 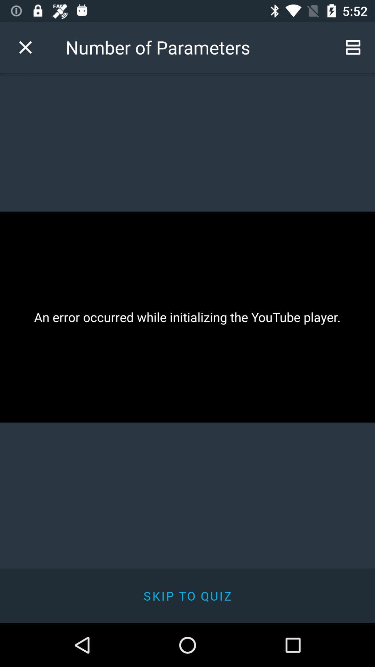 I want to click on icon to the right of the number of parameters item, so click(x=353, y=47).